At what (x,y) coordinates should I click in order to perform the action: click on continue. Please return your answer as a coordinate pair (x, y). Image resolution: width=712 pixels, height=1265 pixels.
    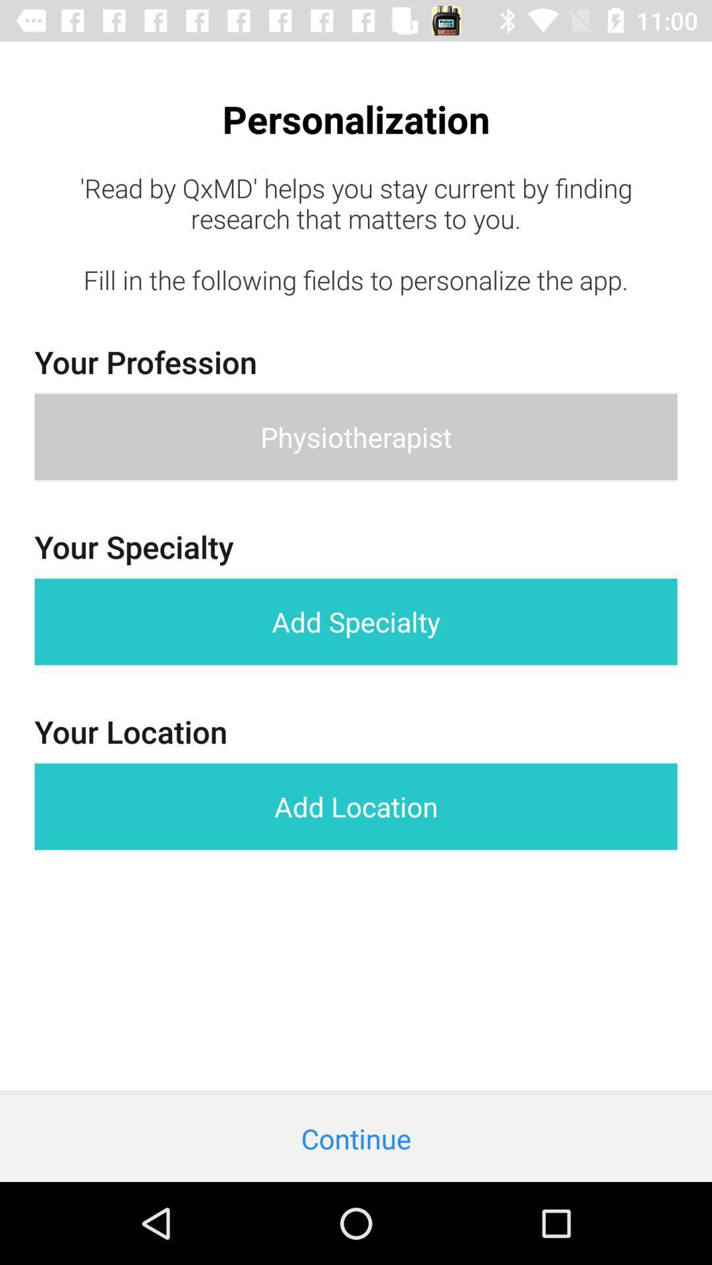
    Looking at the image, I should click on (356, 1138).